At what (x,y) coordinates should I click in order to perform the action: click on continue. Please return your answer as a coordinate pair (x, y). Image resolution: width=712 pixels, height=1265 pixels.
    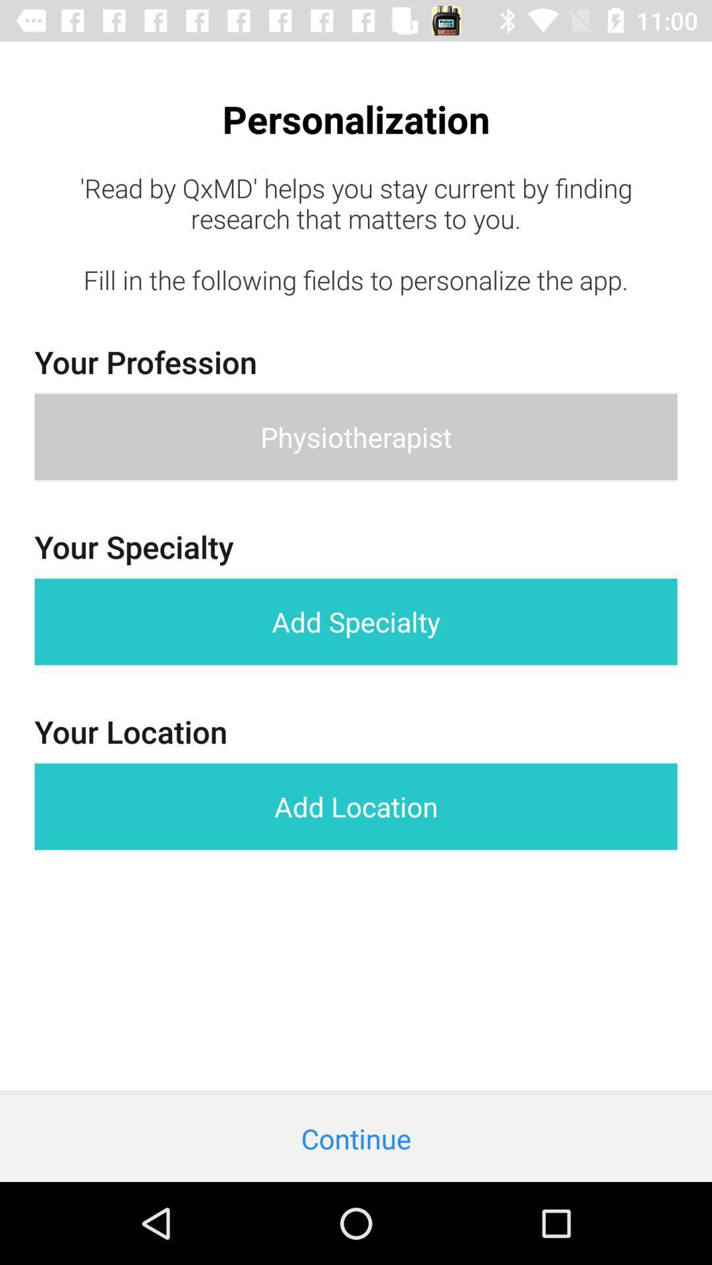
    Looking at the image, I should click on (356, 1138).